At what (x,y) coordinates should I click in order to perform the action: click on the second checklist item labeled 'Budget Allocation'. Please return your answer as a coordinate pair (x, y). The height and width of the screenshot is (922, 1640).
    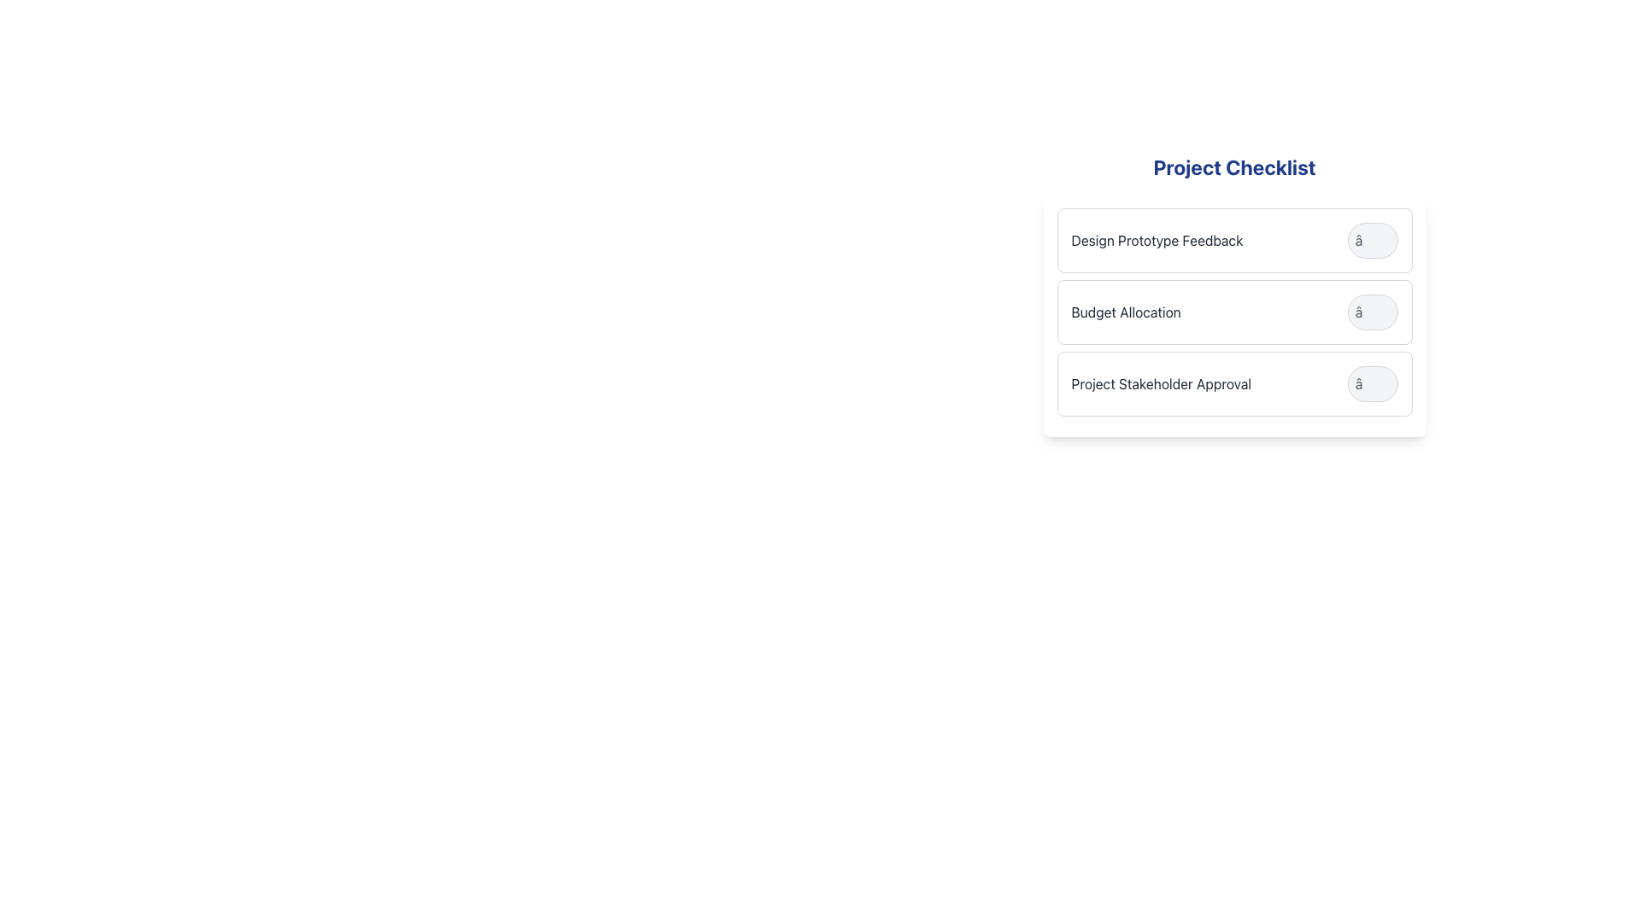
    Looking at the image, I should click on (1234, 312).